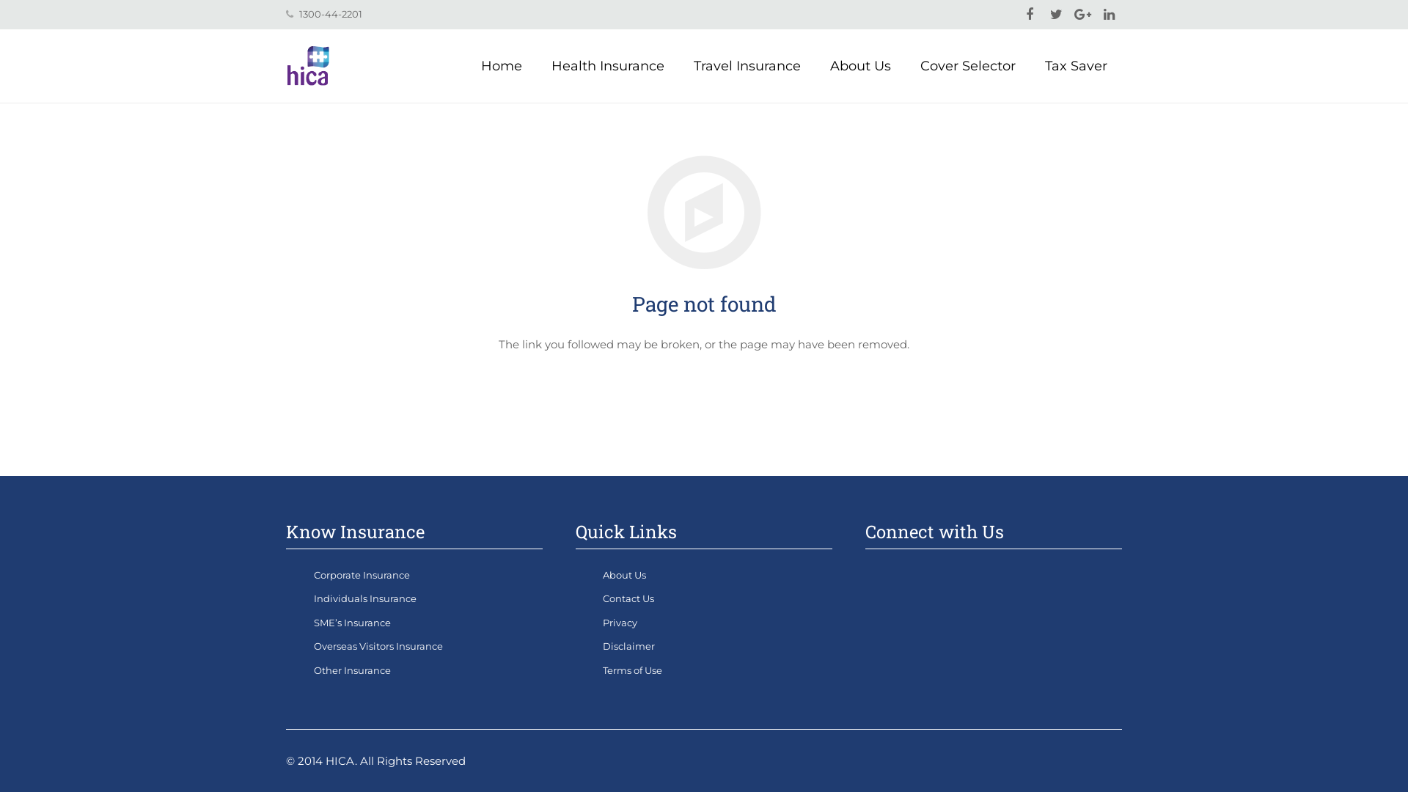 Image resolution: width=1408 pixels, height=792 pixels. What do you see at coordinates (632, 670) in the screenshot?
I see `'Terms of Use'` at bounding box center [632, 670].